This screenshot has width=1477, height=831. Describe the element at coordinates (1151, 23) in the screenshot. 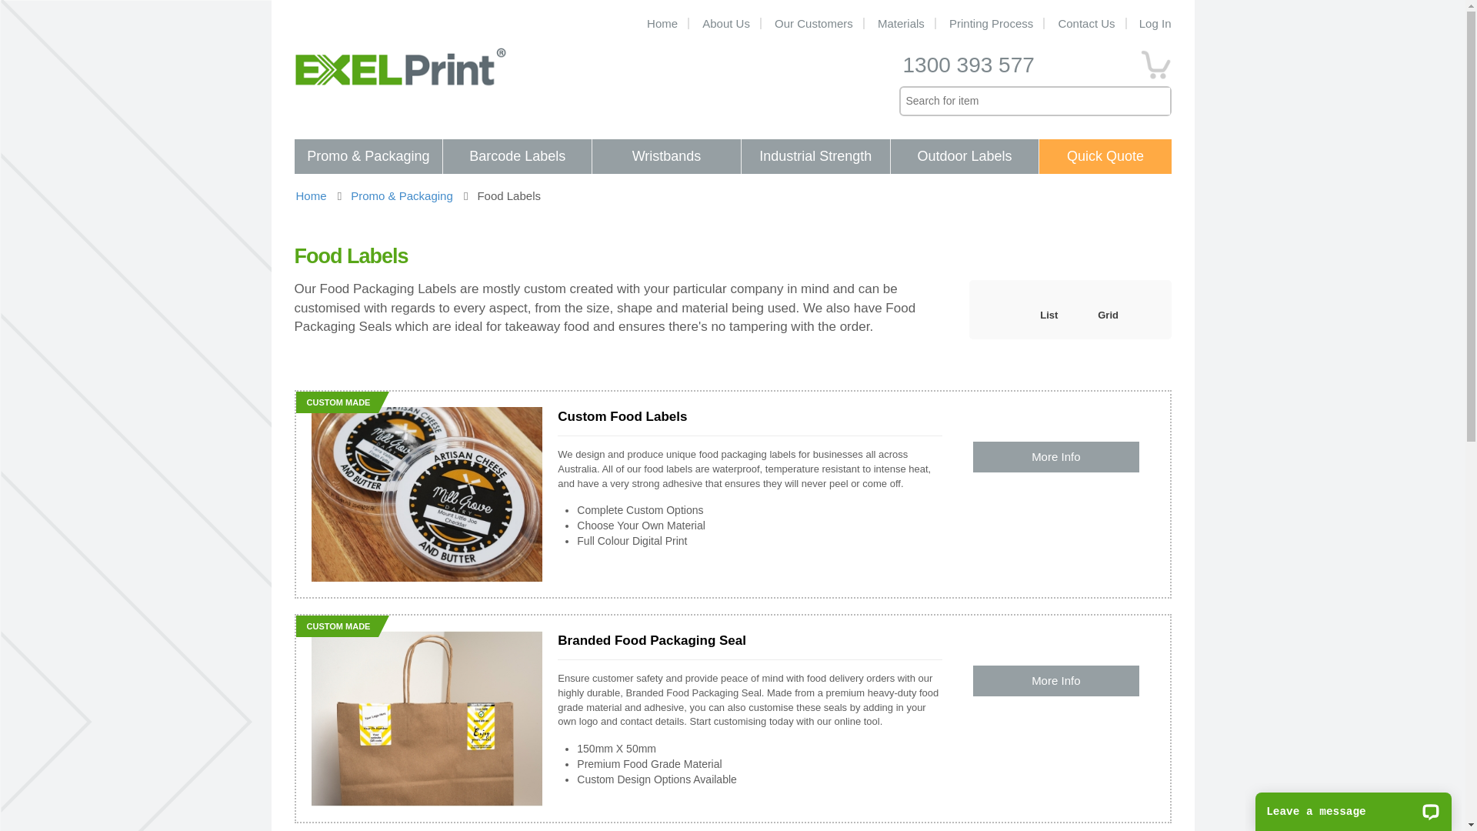

I see `'Log In'` at that location.